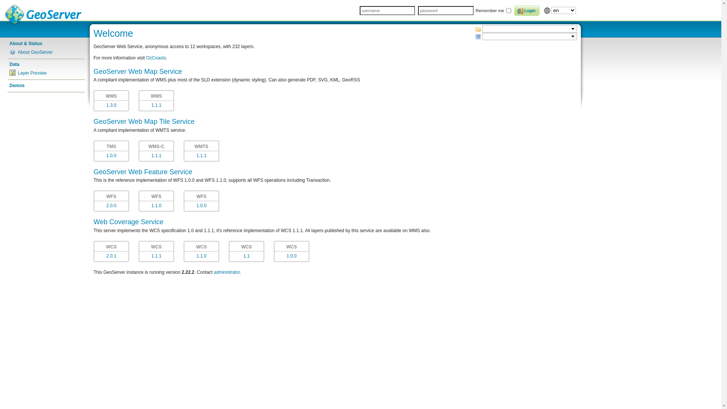 The width and height of the screenshot is (727, 409). I want to click on 'WFS, so click(111, 201).